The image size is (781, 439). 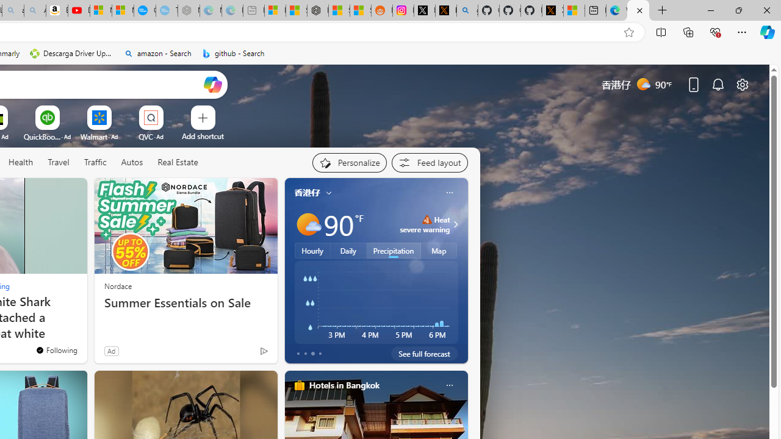 What do you see at coordinates (738, 10) in the screenshot?
I see `'Restore'` at bounding box center [738, 10].